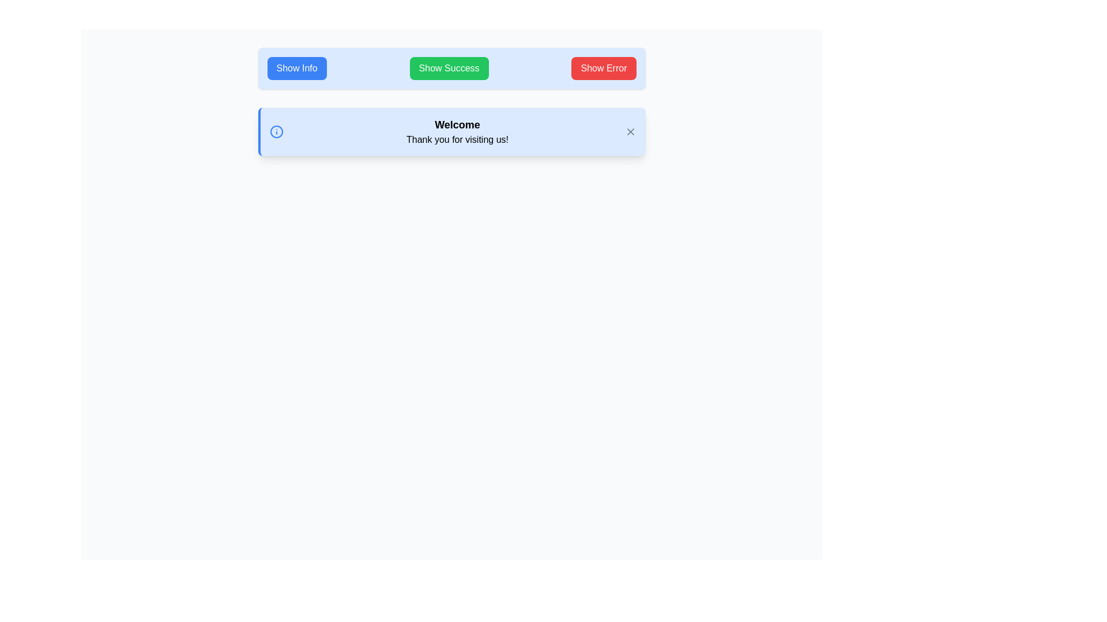 Image resolution: width=1107 pixels, height=622 pixels. What do you see at coordinates (276, 131) in the screenshot?
I see `the circular icon with a blue outline and an information mark symbol, located inside the notification box adjacent to the text starting with 'Welcome'` at bounding box center [276, 131].